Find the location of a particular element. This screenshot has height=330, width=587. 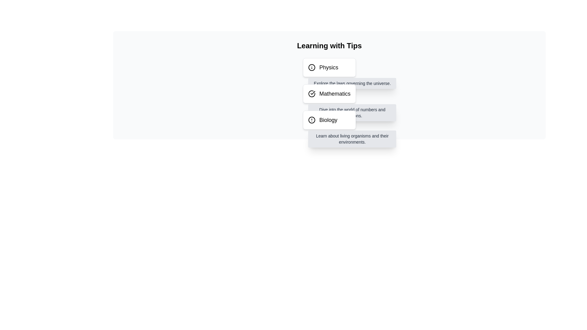

the List Entry for the subject category 'Biology', which is the third item in the vertical list after 'Physics' and 'Mathematics' is located at coordinates (329, 120).